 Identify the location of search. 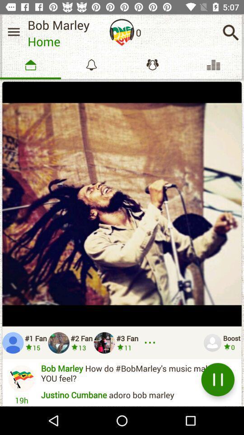
(230, 32).